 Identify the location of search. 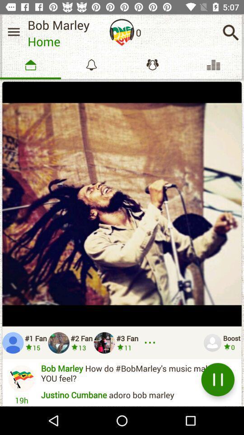
(230, 32).